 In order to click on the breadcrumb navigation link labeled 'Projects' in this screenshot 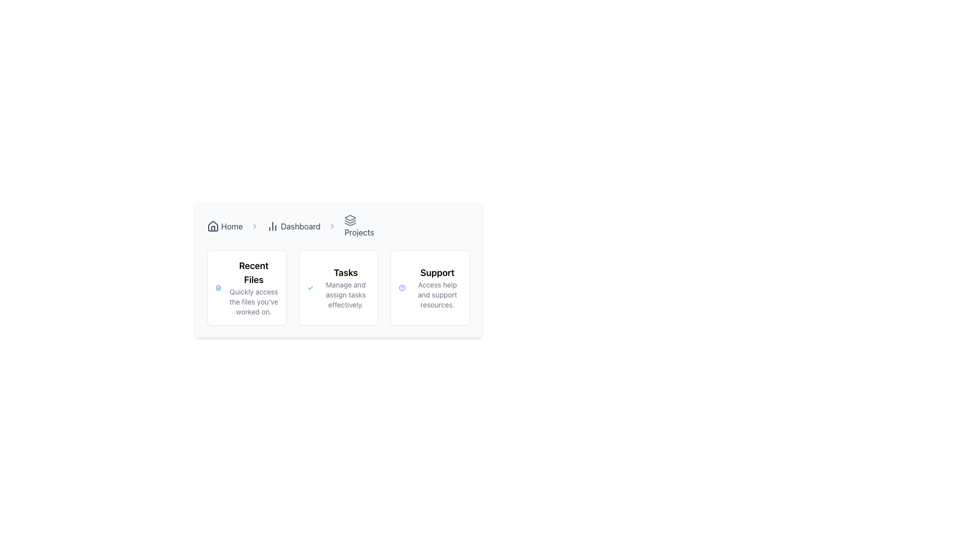, I will do `click(359, 226)`.